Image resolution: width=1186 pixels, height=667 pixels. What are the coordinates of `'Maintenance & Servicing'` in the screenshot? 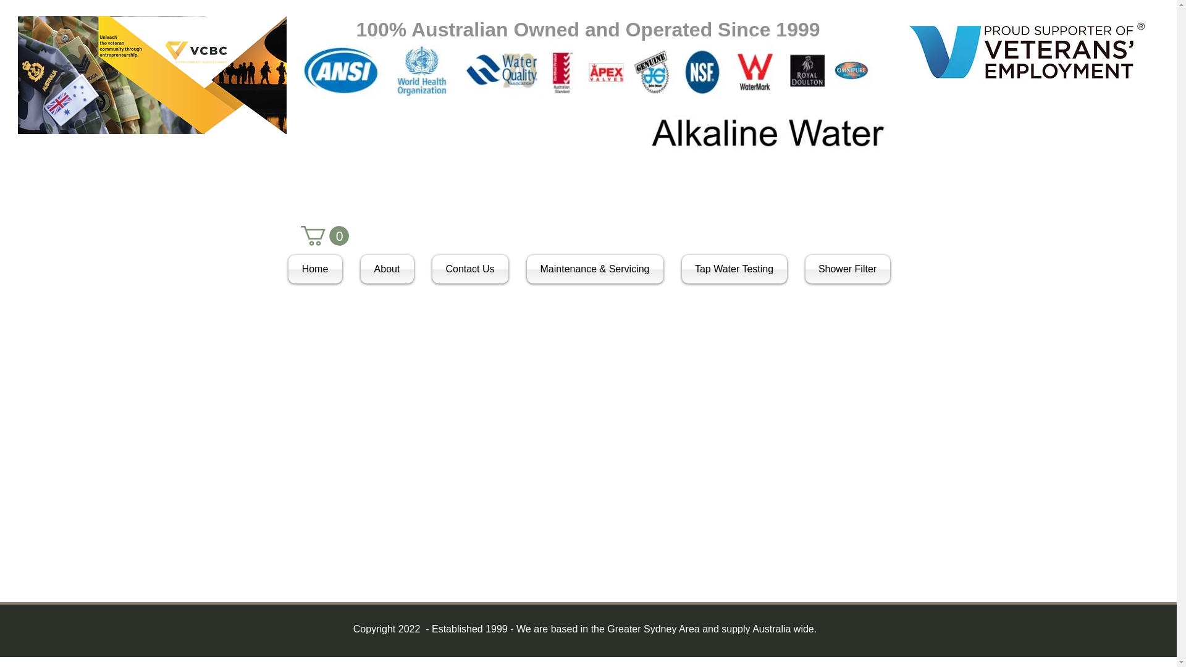 It's located at (595, 268).